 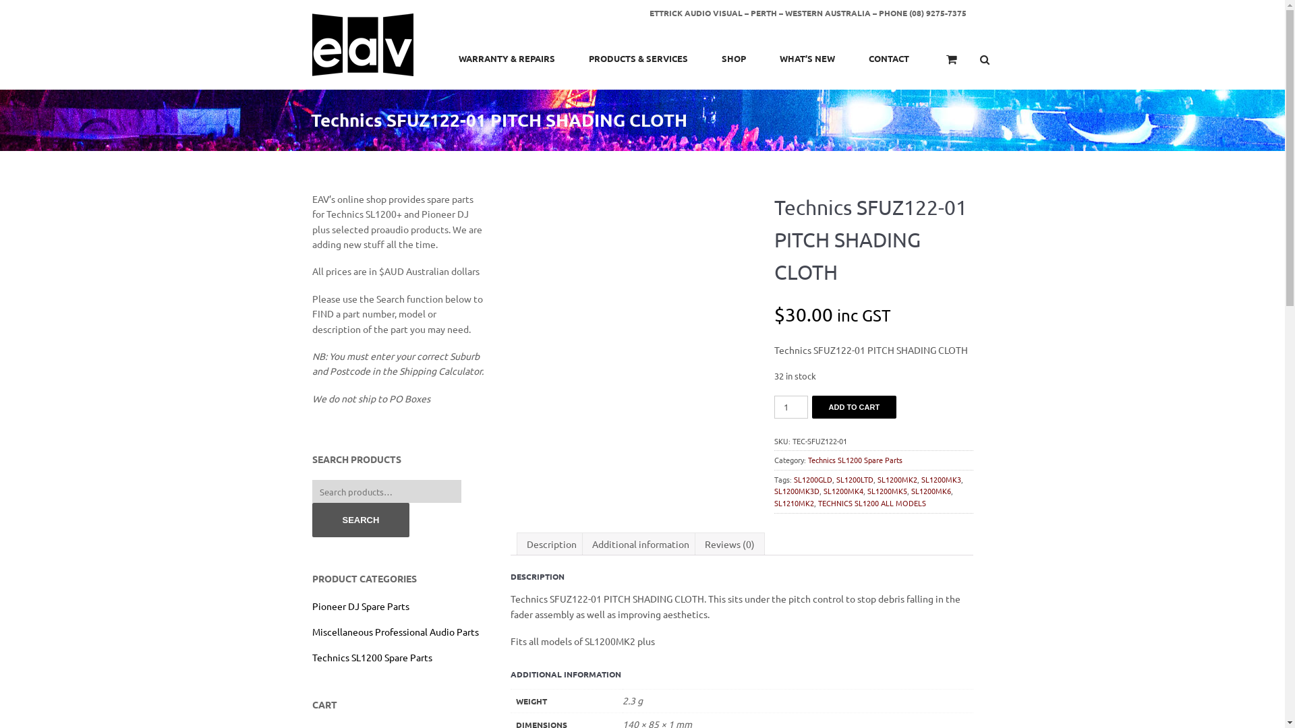 What do you see at coordinates (310, 605) in the screenshot?
I see `'Pioneer DJ Spare Parts'` at bounding box center [310, 605].